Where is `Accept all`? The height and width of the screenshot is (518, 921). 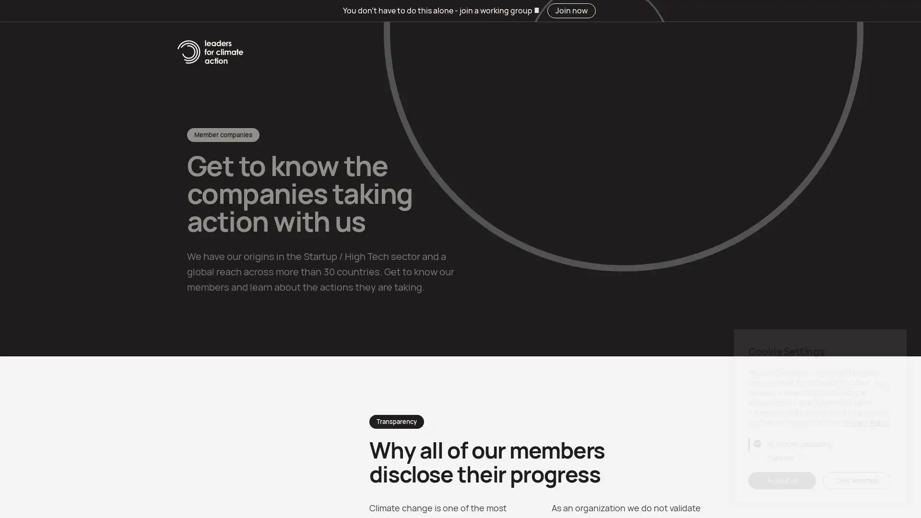 Accept all is located at coordinates (782, 481).